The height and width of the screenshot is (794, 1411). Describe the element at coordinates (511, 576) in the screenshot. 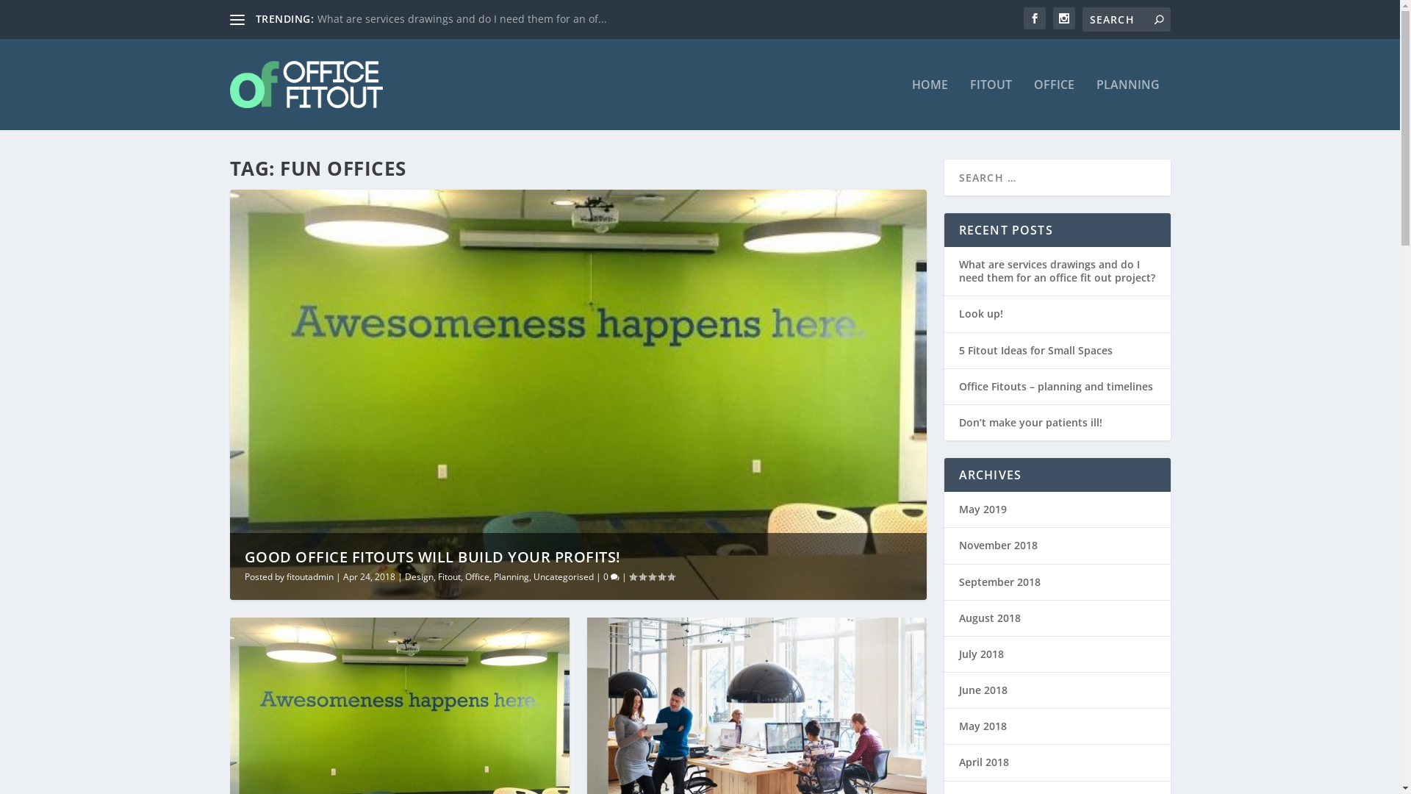

I see `'Planning'` at that location.